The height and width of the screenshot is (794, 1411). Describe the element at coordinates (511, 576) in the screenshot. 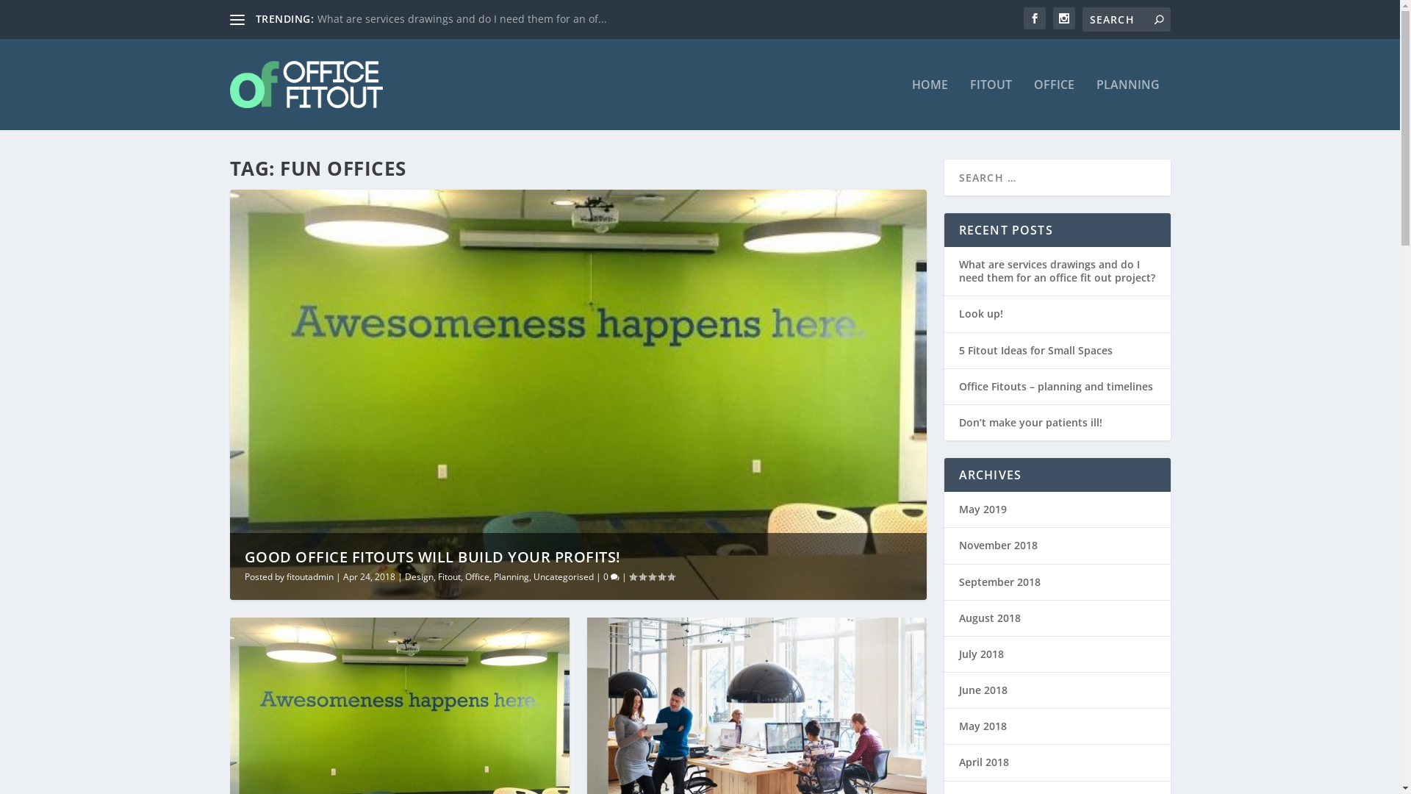

I see `'Planning'` at that location.